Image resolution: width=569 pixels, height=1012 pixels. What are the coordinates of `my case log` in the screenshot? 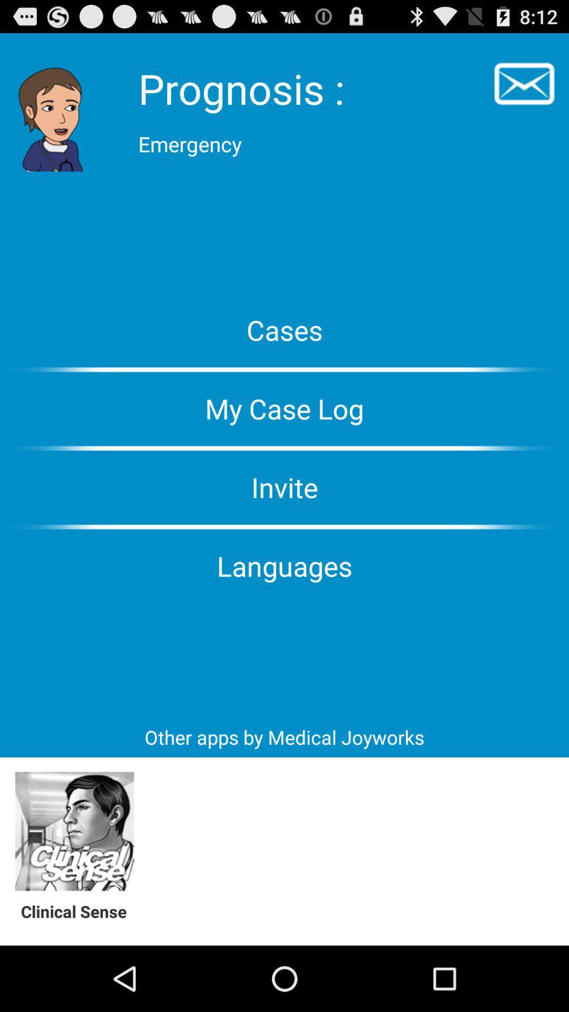 It's located at (284, 408).